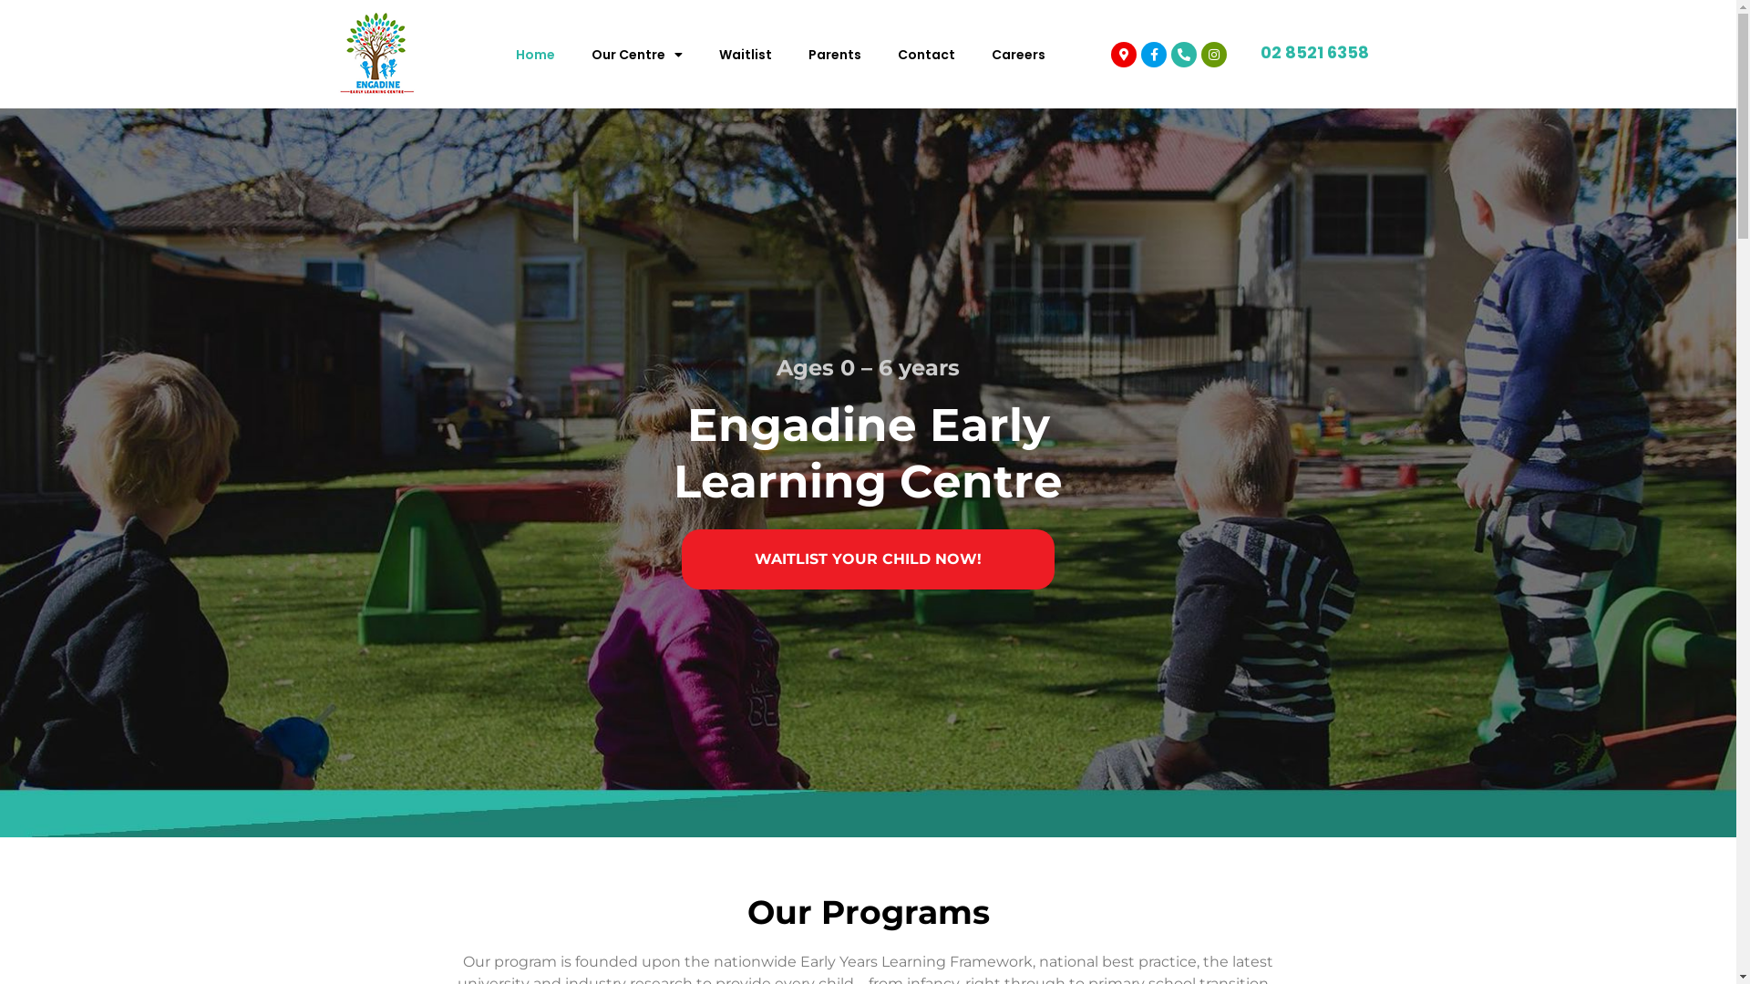  I want to click on 'Contact', so click(926, 52).